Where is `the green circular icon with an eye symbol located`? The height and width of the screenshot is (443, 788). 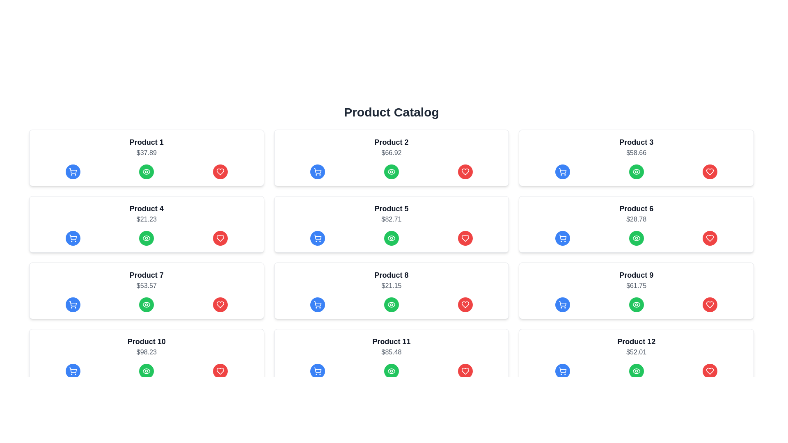
the green circular icon with an eye symbol located is located at coordinates (146, 238).